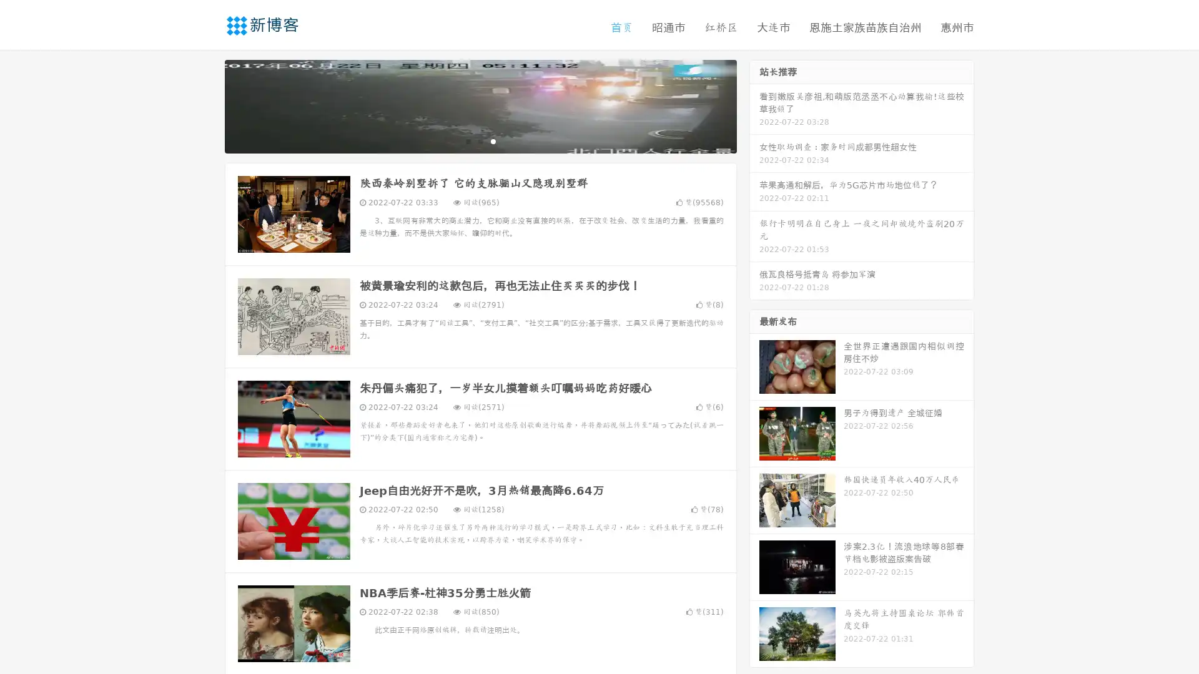 This screenshot has width=1199, height=674. I want to click on Go to slide 1, so click(467, 140).